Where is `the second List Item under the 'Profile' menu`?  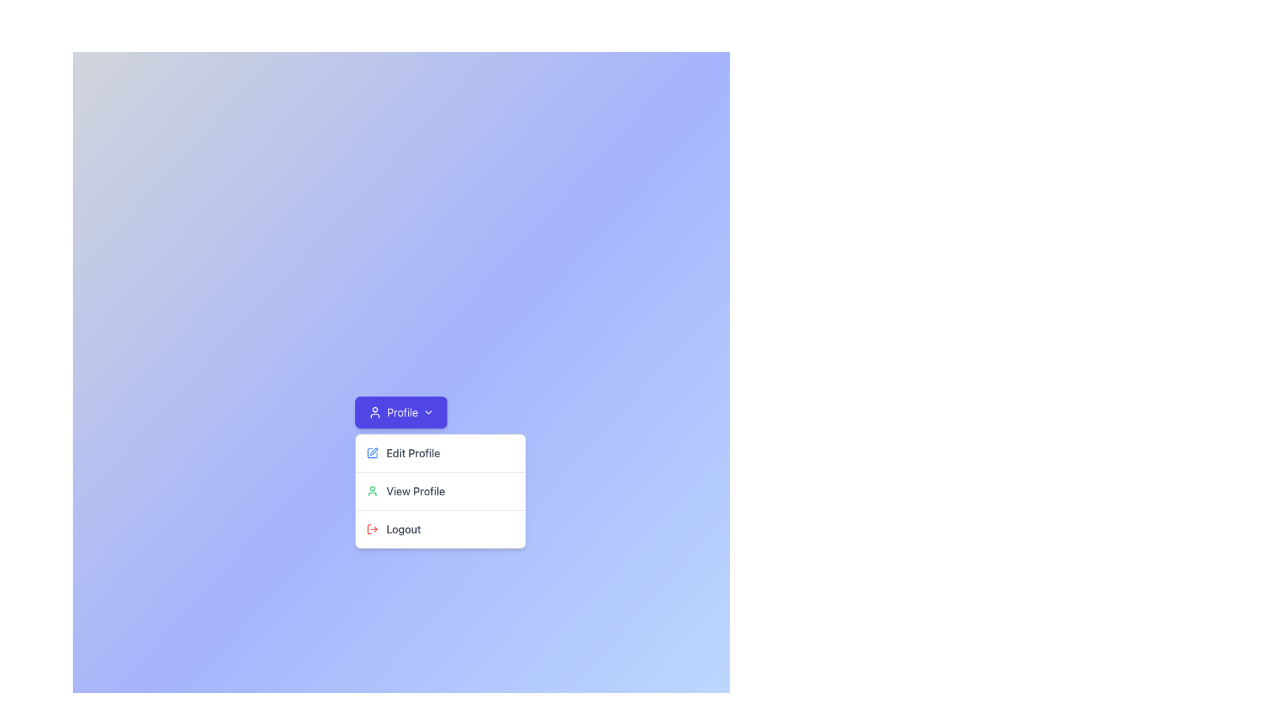 the second List Item under the 'Profile' menu is located at coordinates (440, 491).